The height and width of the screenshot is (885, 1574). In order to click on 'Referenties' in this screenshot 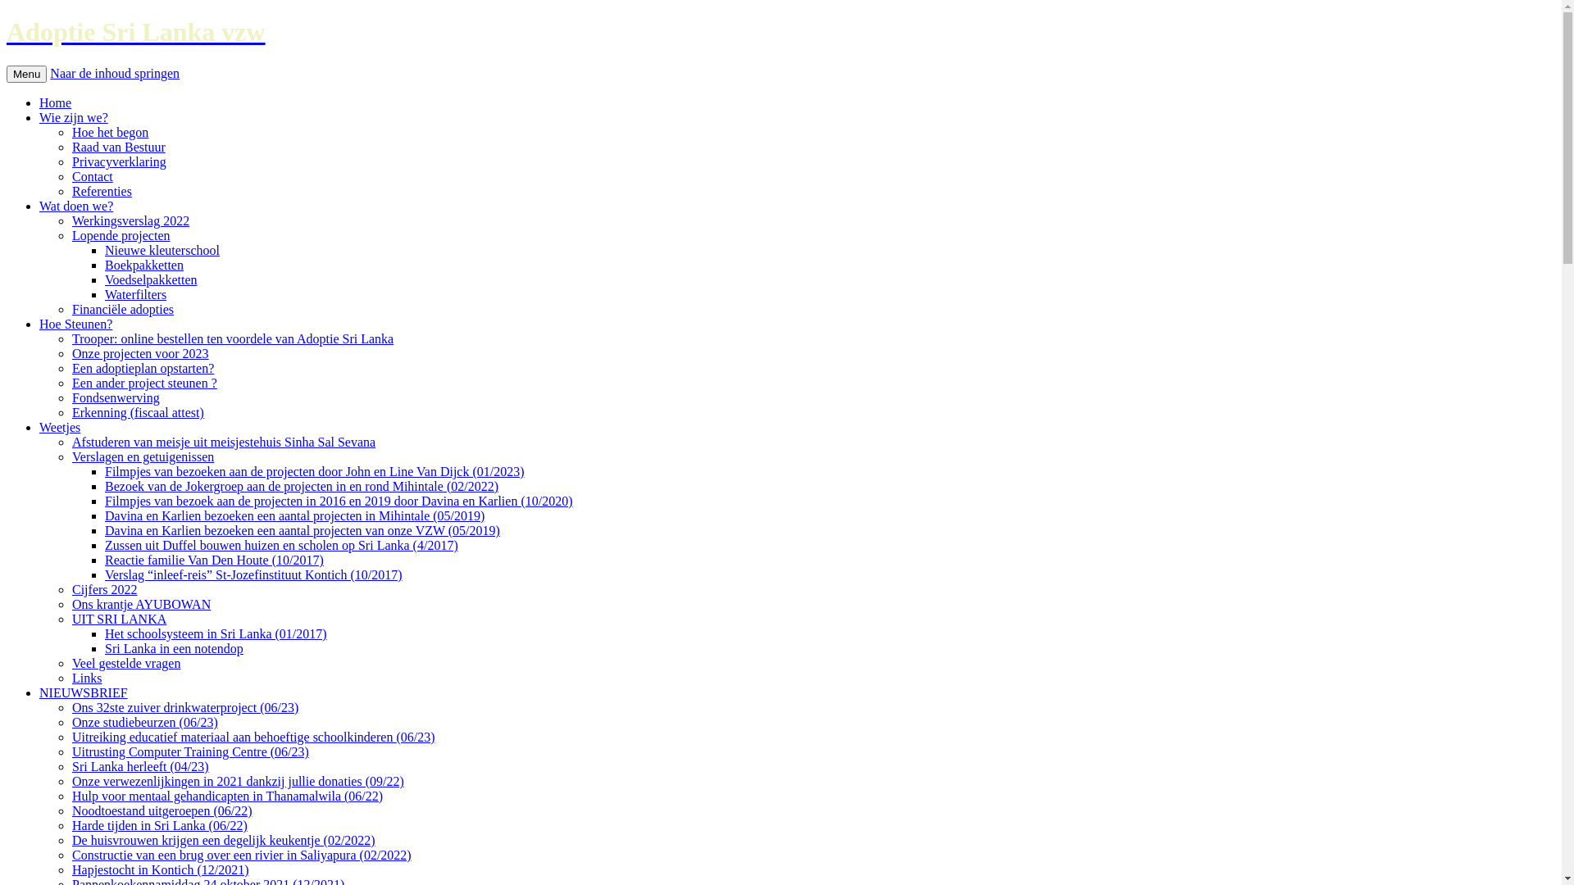, I will do `click(101, 190)`.